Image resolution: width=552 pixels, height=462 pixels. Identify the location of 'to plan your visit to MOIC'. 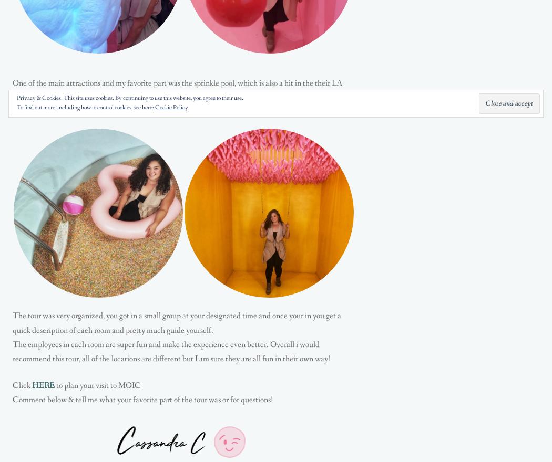
(97, 385).